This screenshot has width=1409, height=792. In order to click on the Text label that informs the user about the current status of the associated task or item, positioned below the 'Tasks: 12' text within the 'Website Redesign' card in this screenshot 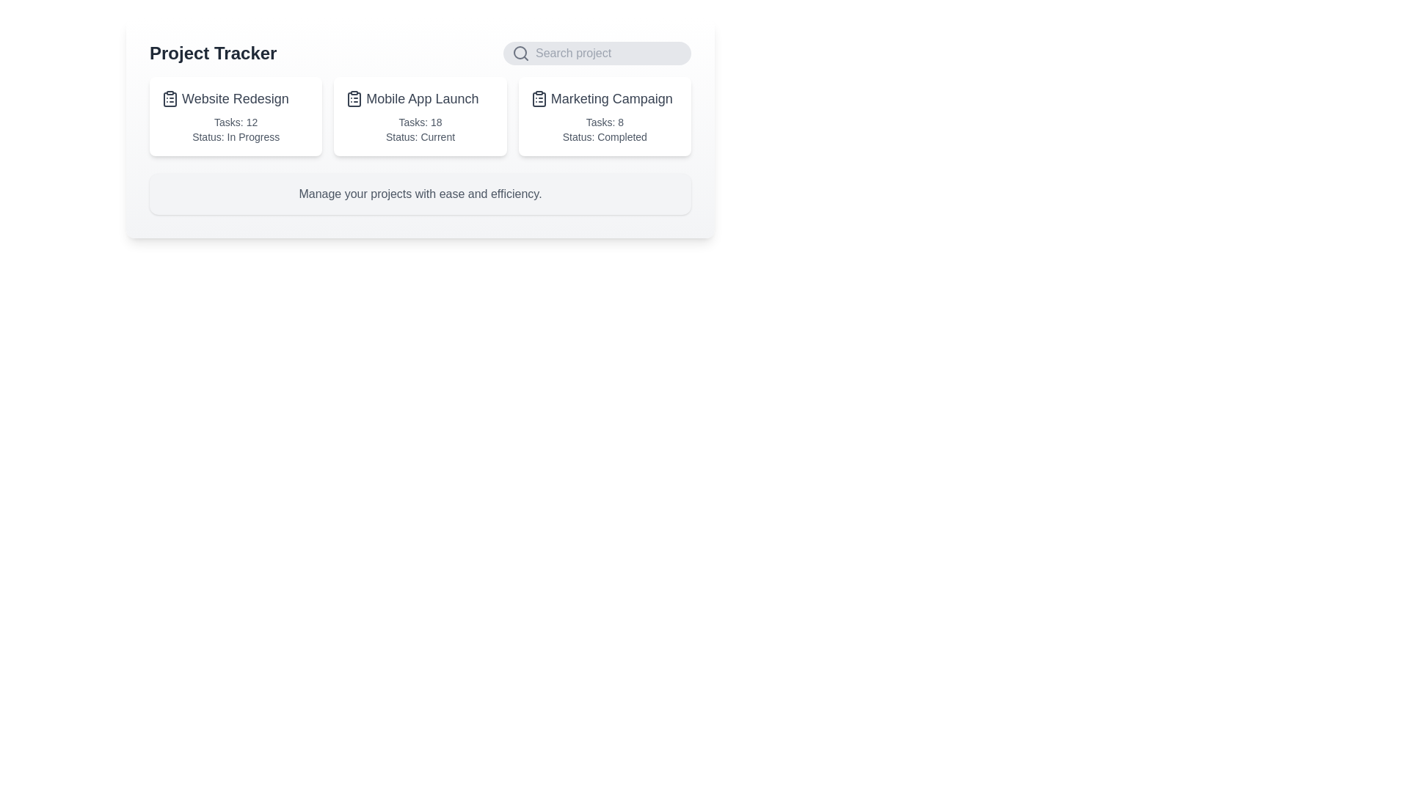, I will do `click(236, 136)`.